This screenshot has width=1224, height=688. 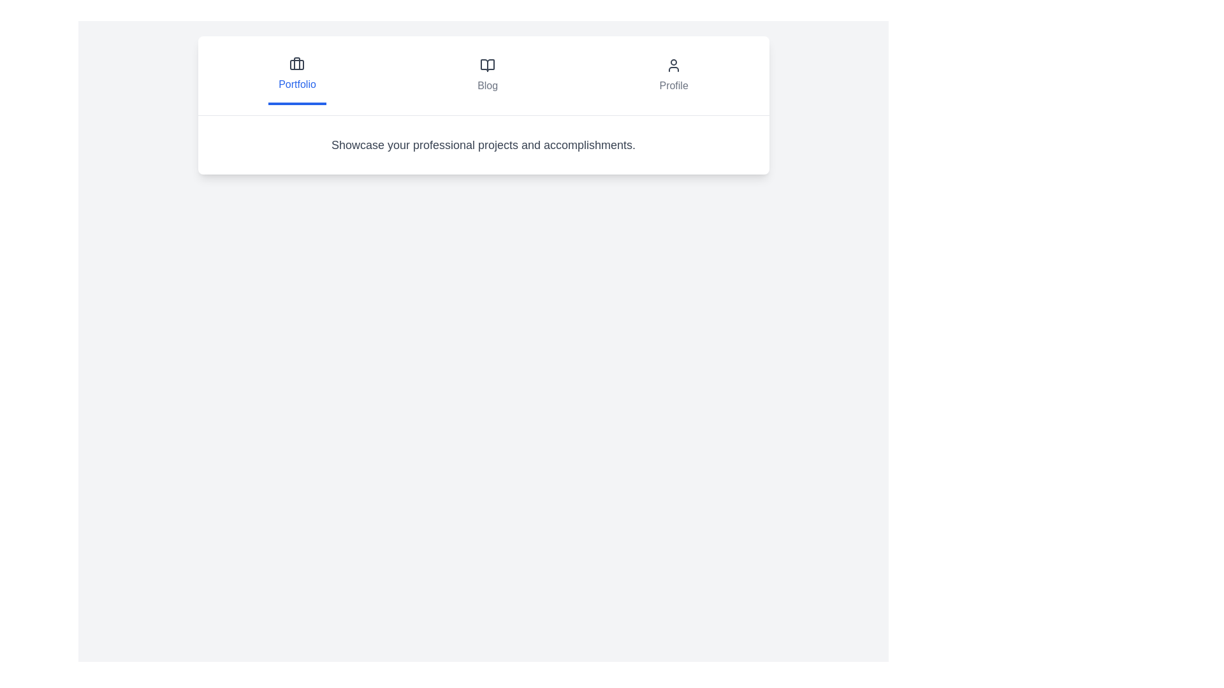 I want to click on the tab labeled Blog to view its content, so click(x=487, y=76).